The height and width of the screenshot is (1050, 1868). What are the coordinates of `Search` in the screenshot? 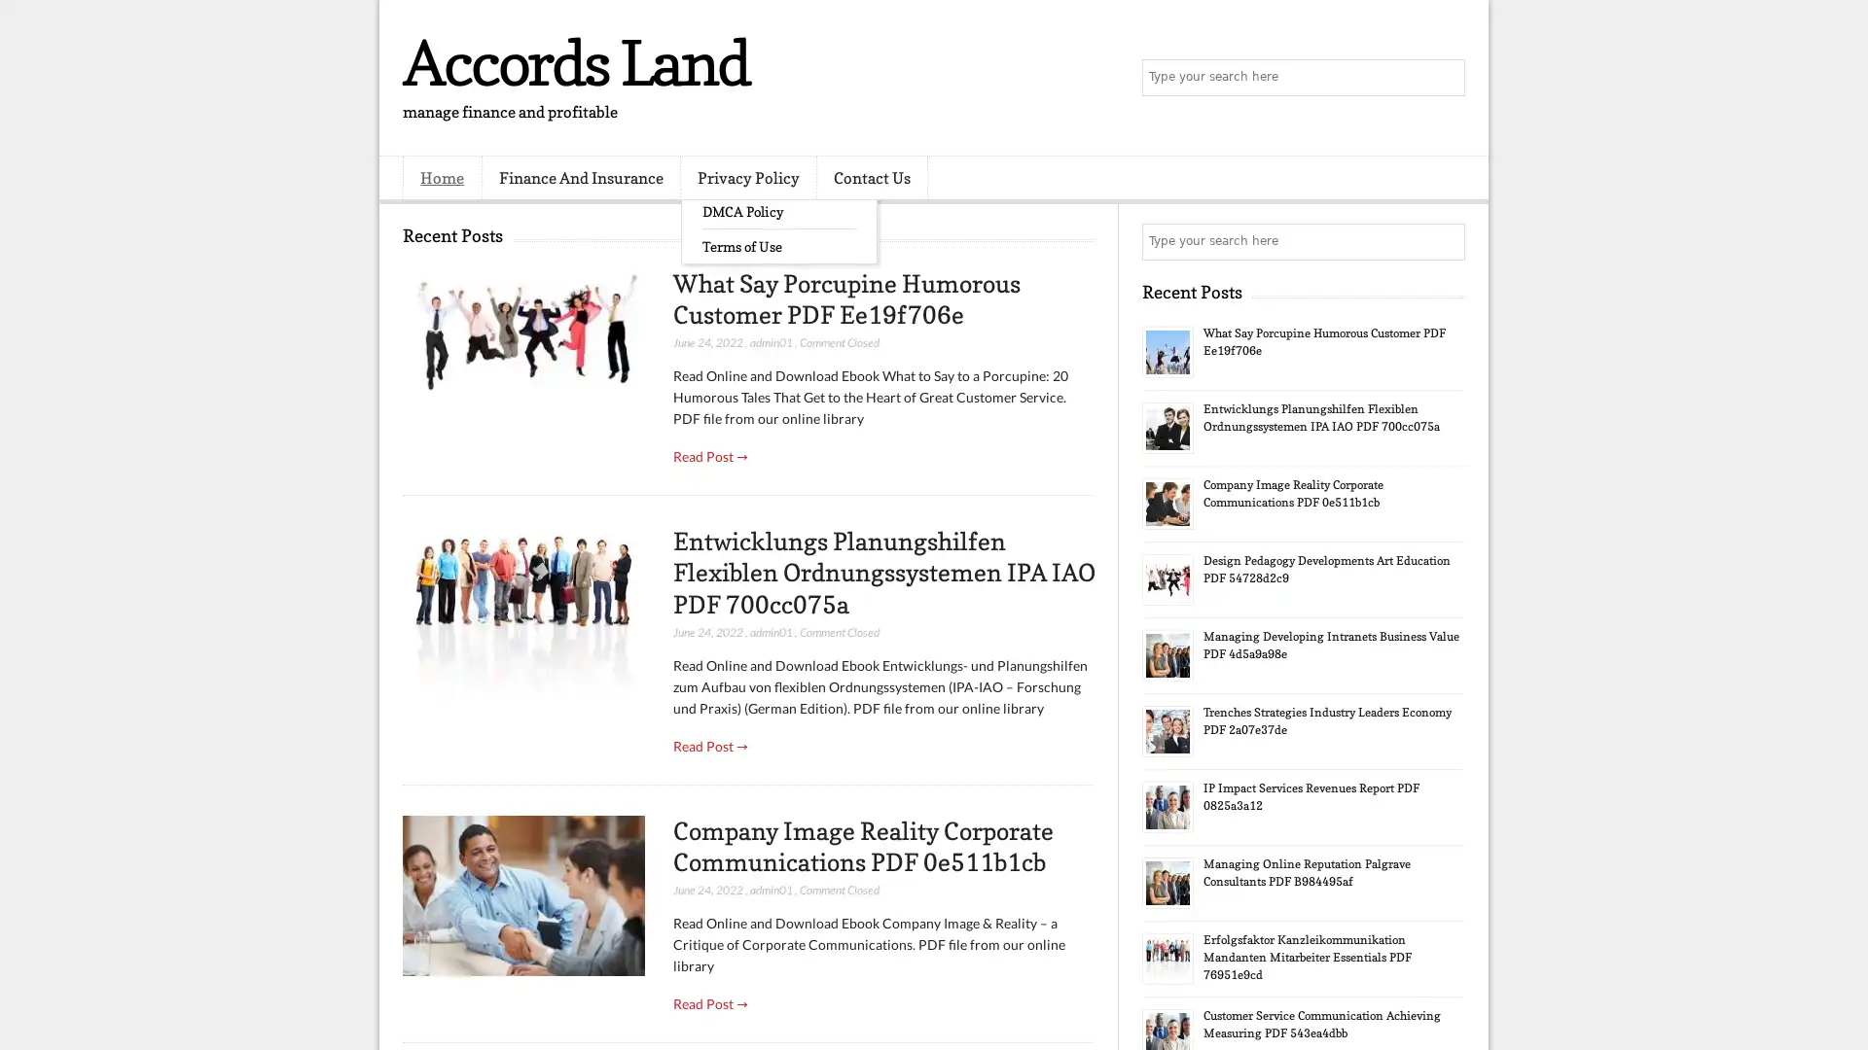 It's located at (1445, 78).